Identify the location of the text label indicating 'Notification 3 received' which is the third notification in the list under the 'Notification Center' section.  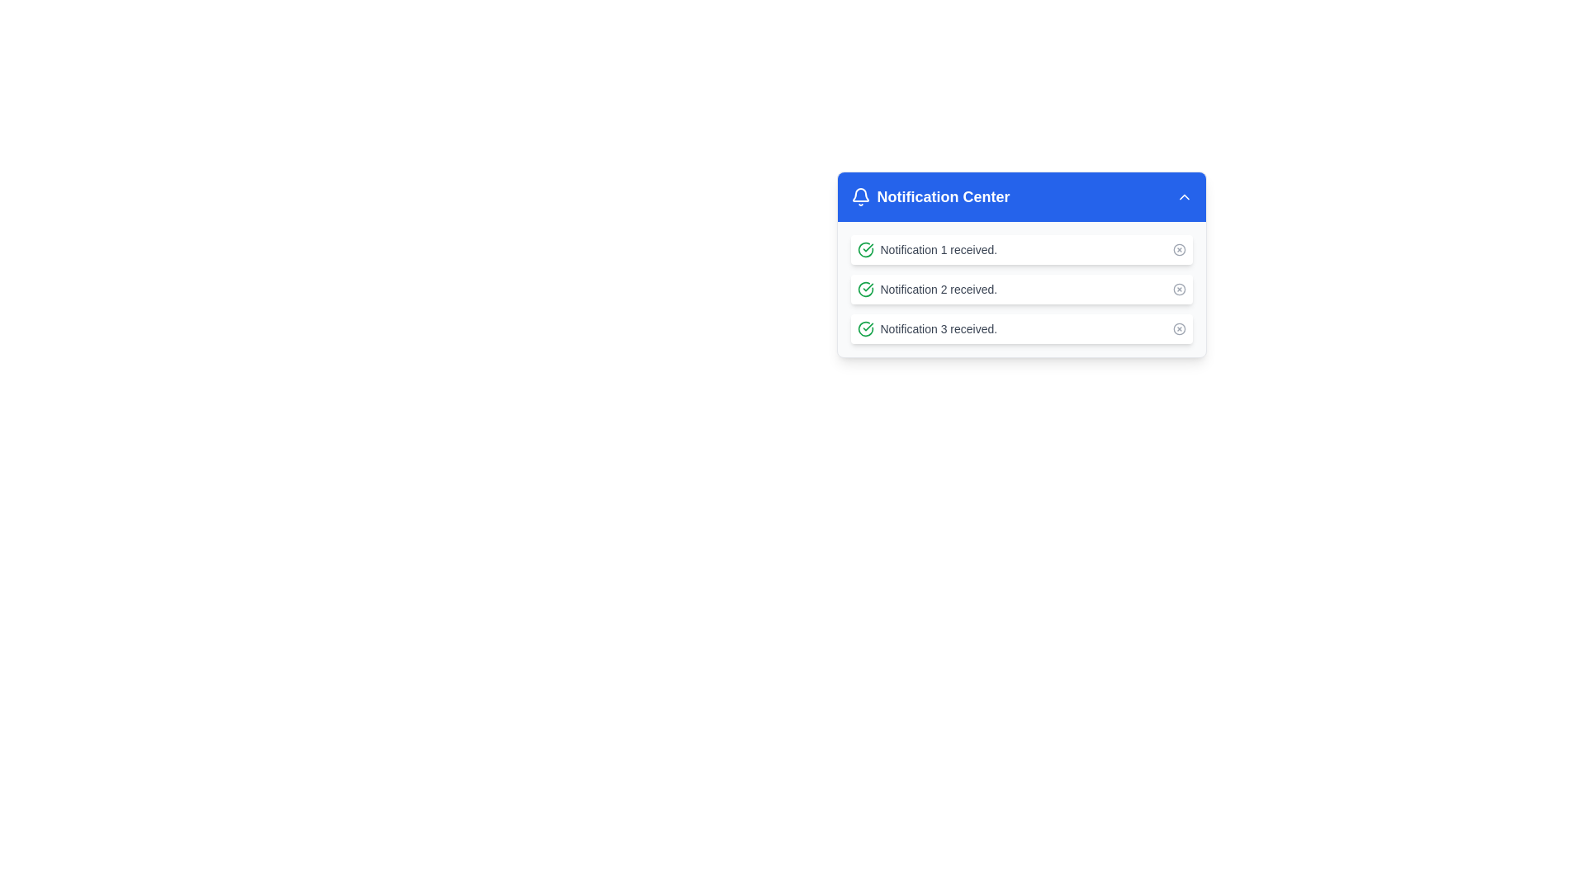
(939, 328).